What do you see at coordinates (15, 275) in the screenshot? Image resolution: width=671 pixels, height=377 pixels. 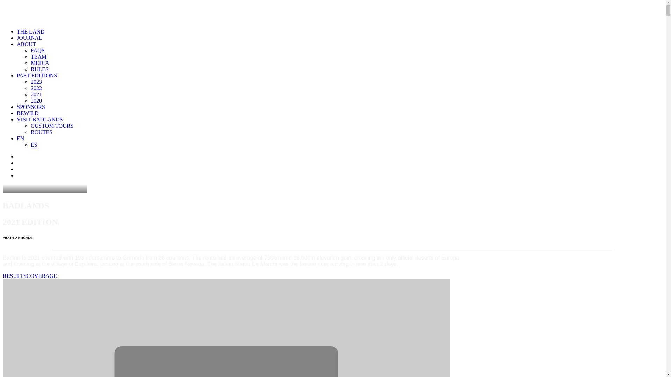 I see `'RESULTS'` at bounding box center [15, 275].